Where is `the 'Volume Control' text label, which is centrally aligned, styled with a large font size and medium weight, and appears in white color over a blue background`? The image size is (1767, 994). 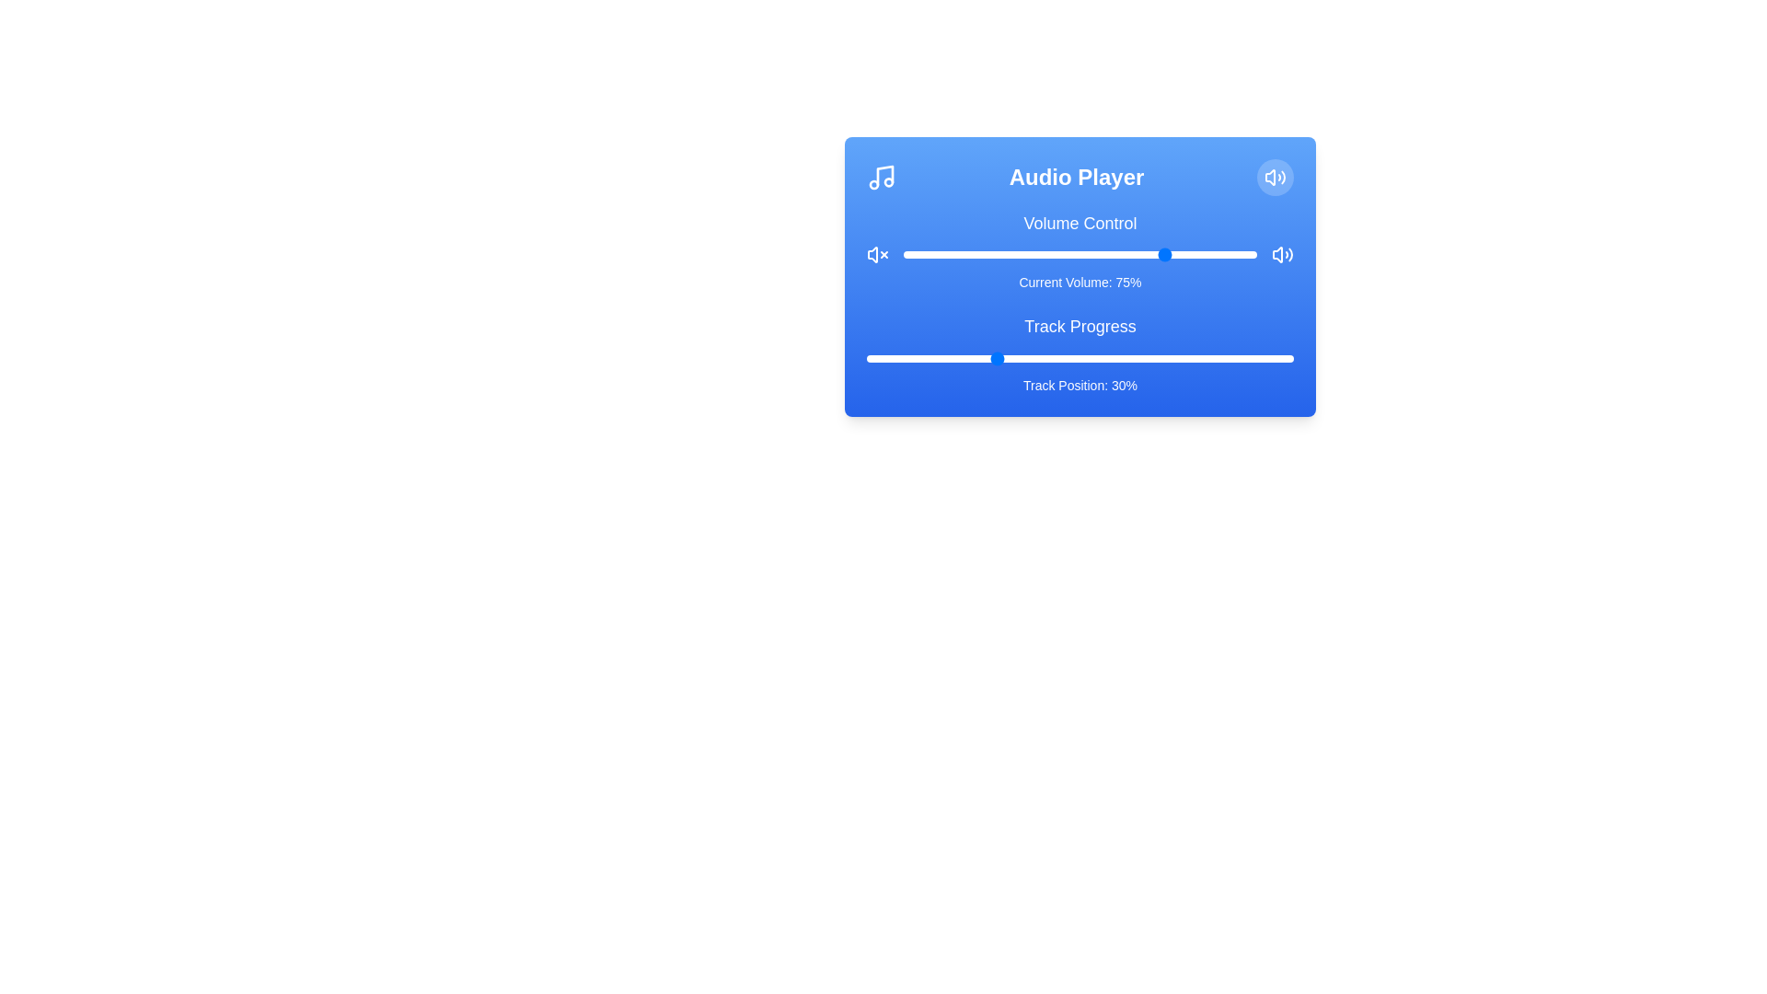 the 'Volume Control' text label, which is centrally aligned, styled with a large font size and medium weight, and appears in white color over a blue background is located at coordinates (1080, 223).